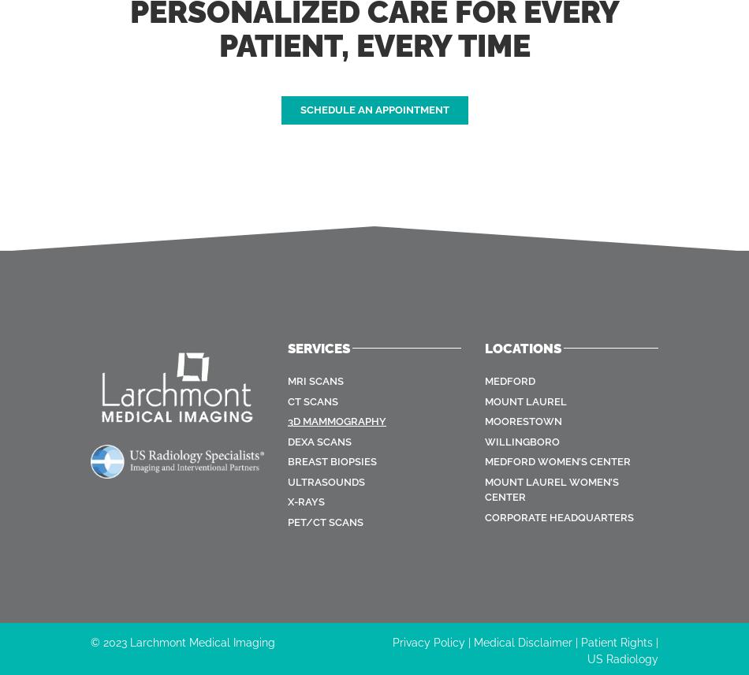  What do you see at coordinates (523, 348) in the screenshot?
I see `'Locations'` at bounding box center [523, 348].